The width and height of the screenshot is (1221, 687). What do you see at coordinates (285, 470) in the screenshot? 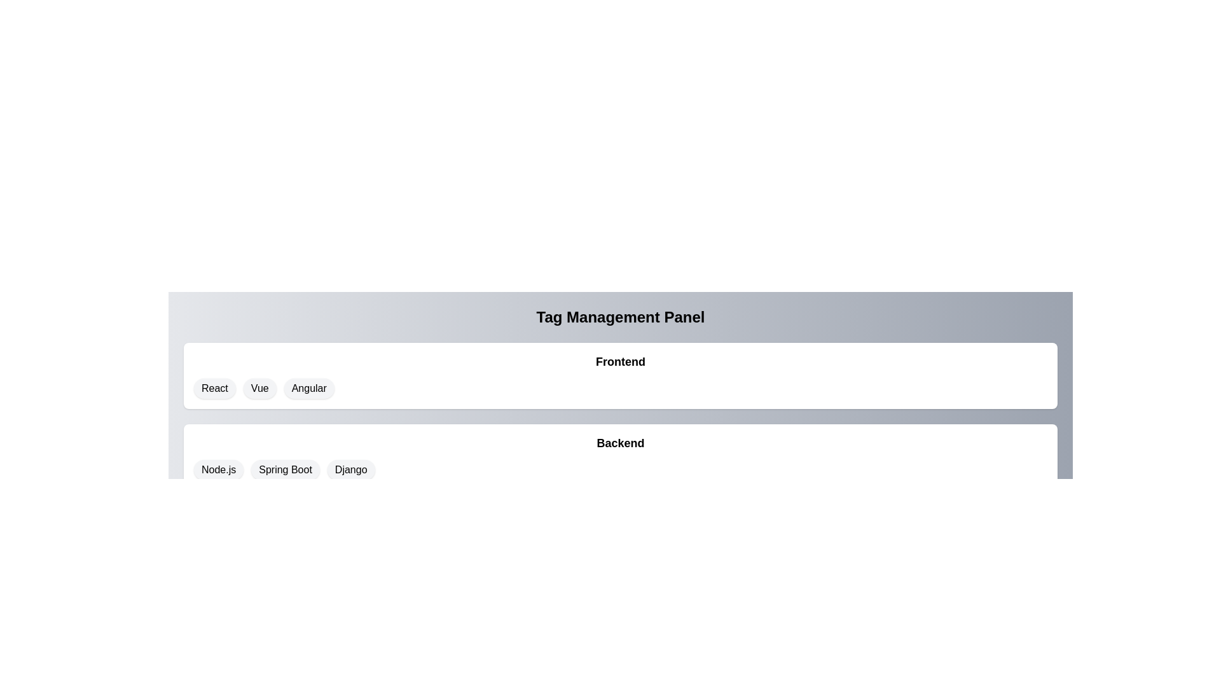
I see `the second button labeled 'Spring Boot'` at bounding box center [285, 470].